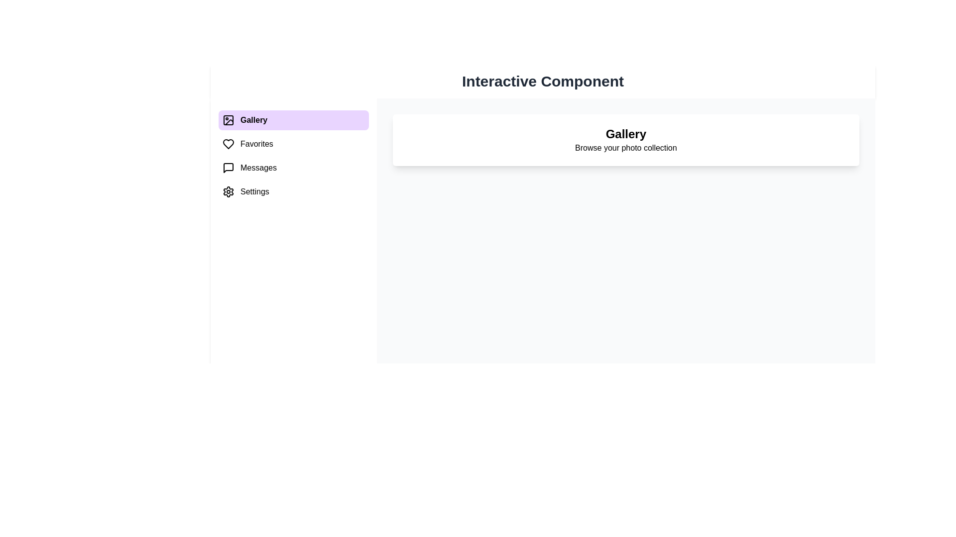 The width and height of the screenshot is (956, 537). I want to click on the menu item Messages to switch the content area, so click(293, 168).